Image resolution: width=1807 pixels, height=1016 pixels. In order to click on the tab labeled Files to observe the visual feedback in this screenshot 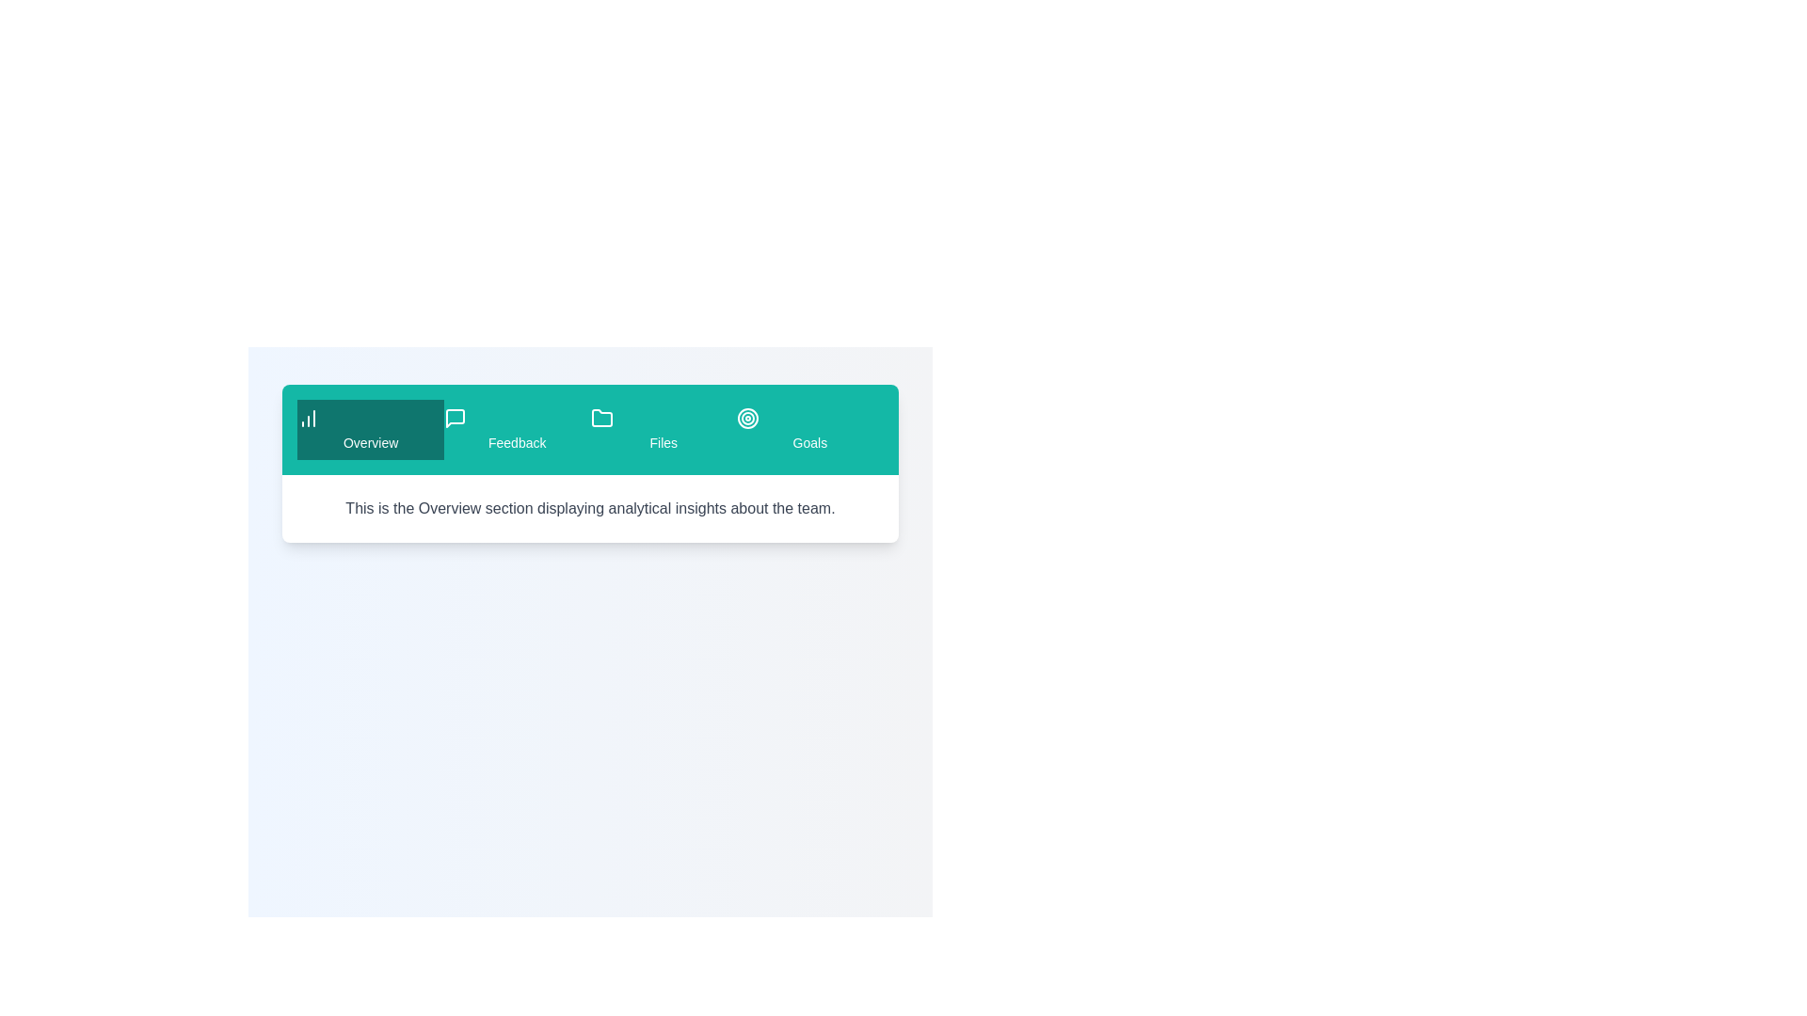, I will do `click(664, 429)`.